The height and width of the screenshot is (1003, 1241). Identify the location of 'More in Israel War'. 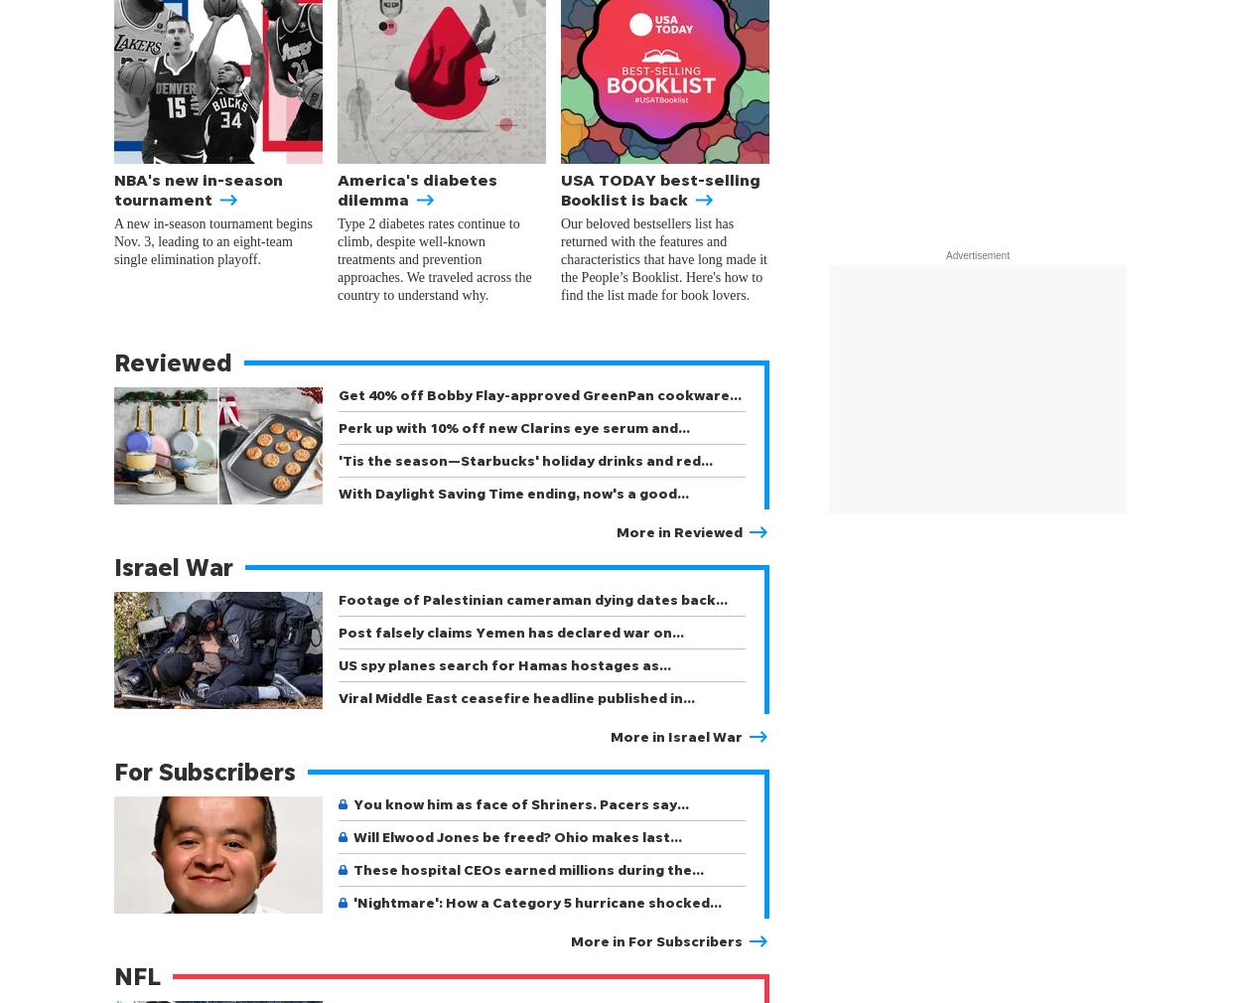
(676, 735).